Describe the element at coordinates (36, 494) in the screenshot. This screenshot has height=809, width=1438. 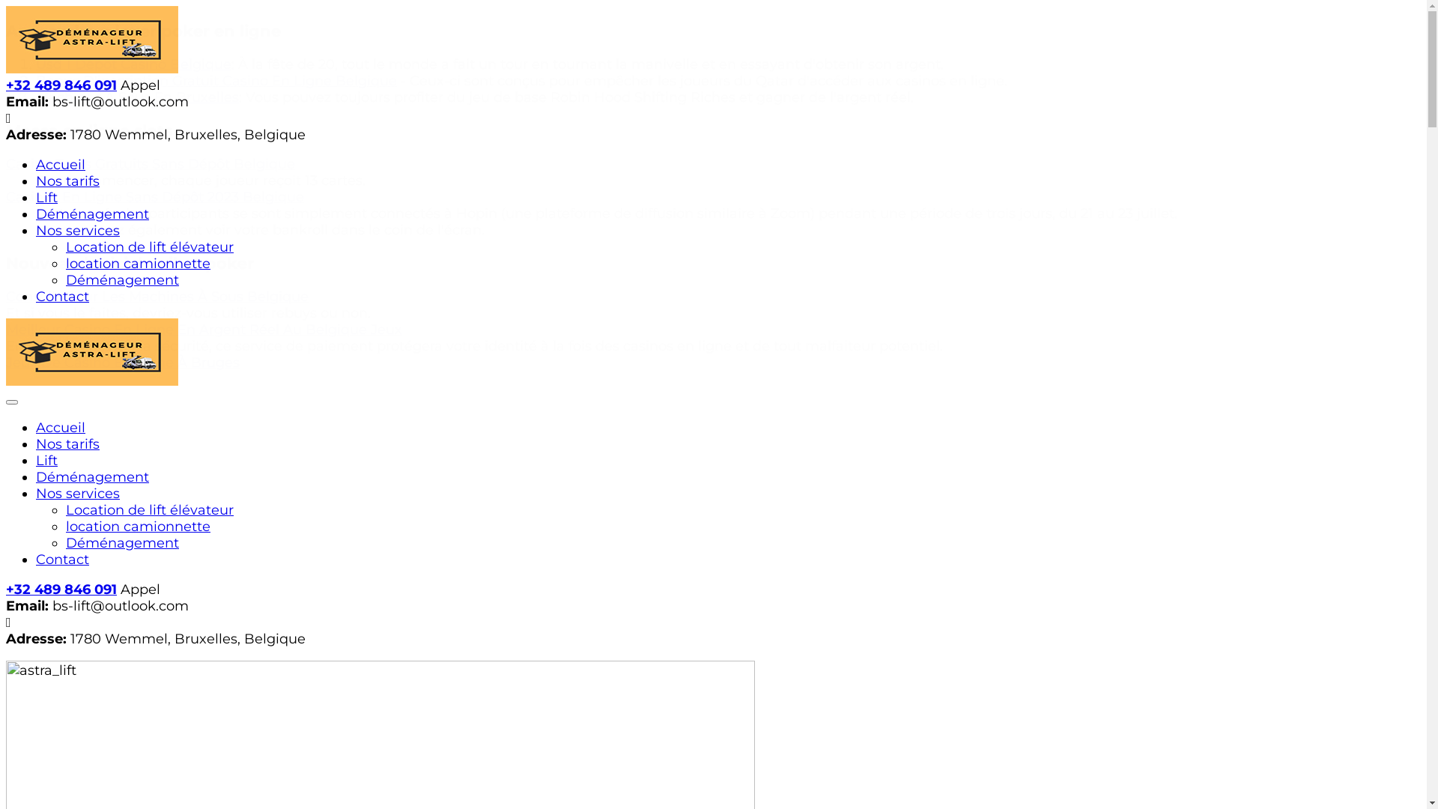
I see `'Nos services'` at that location.